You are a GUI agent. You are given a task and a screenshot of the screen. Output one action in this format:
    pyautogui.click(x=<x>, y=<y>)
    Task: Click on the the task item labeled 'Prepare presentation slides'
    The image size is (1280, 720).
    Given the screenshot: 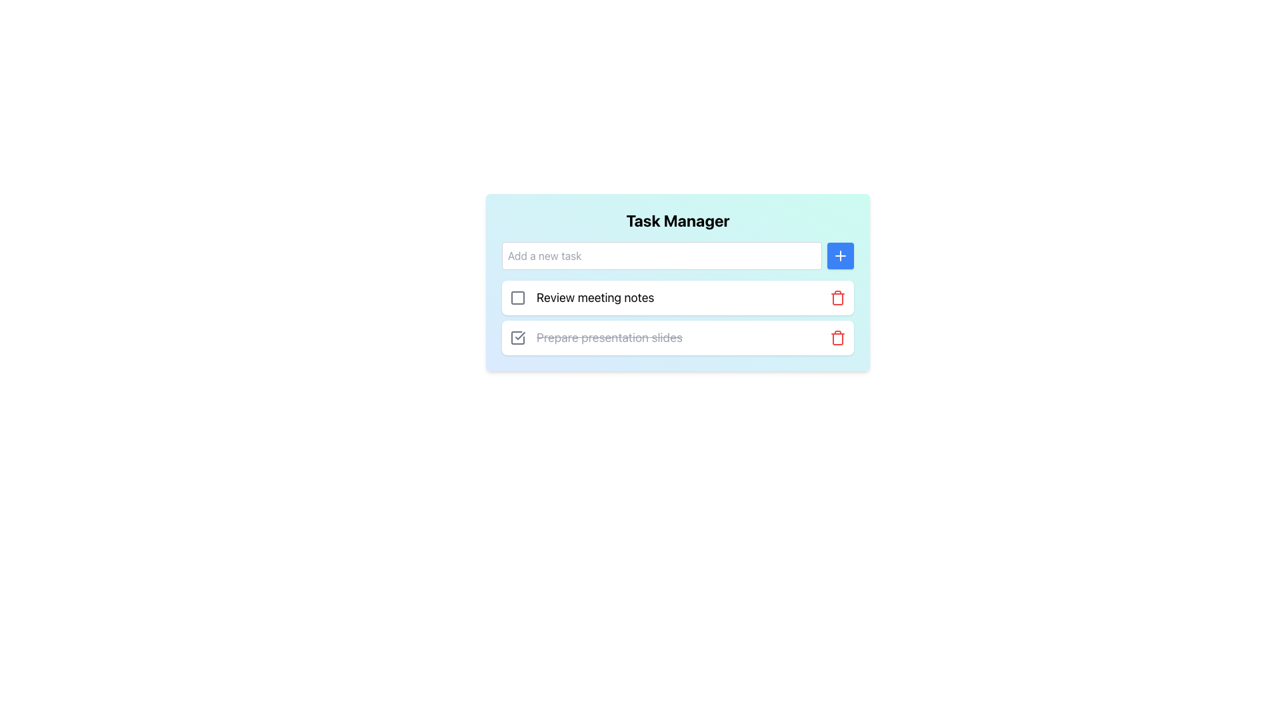 What is the action you would take?
    pyautogui.click(x=678, y=337)
    